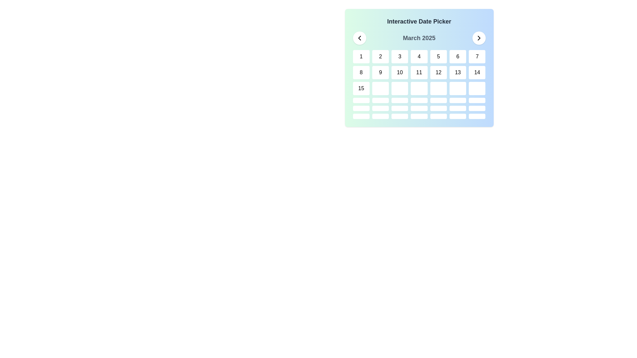 The height and width of the screenshot is (358, 637). Describe the element at coordinates (419, 38) in the screenshot. I see `the title text 'March 2025' in the date picker interface, which is centered in the top row between the left and right arrow buttons` at that location.